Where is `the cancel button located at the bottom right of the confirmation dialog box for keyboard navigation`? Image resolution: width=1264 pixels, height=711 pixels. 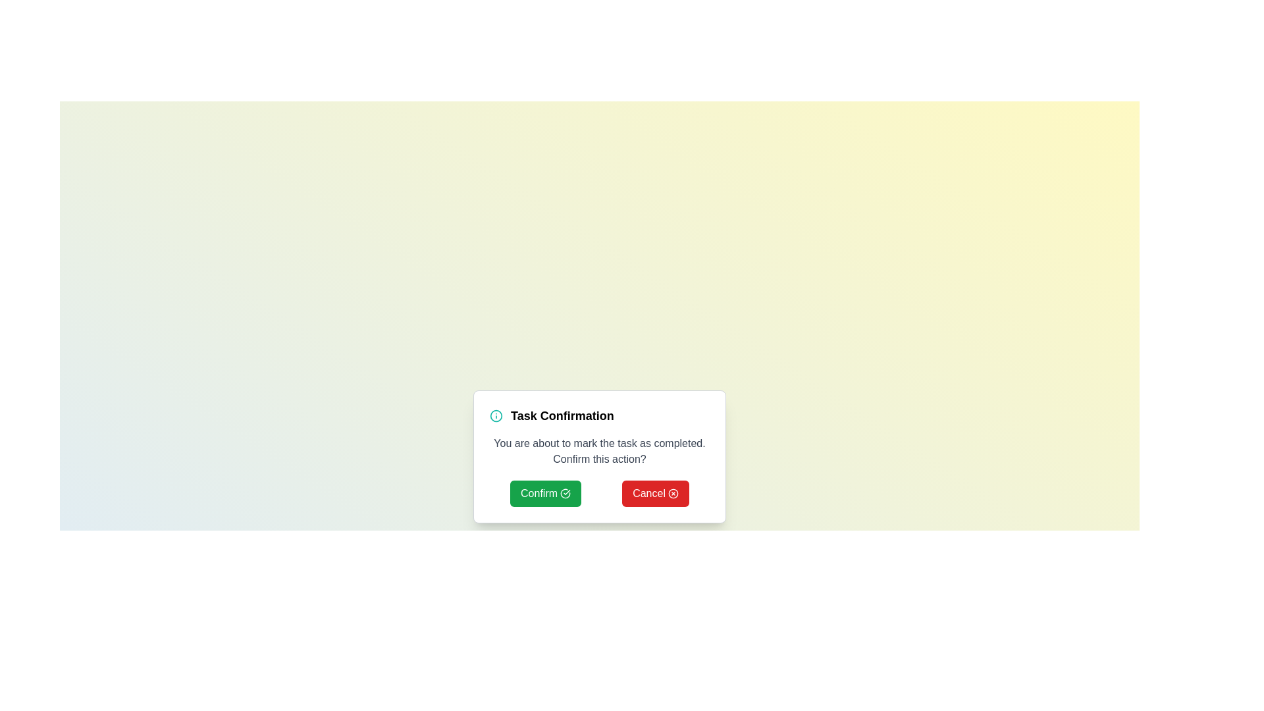 the cancel button located at the bottom right of the confirmation dialog box for keyboard navigation is located at coordinates (656, 493).